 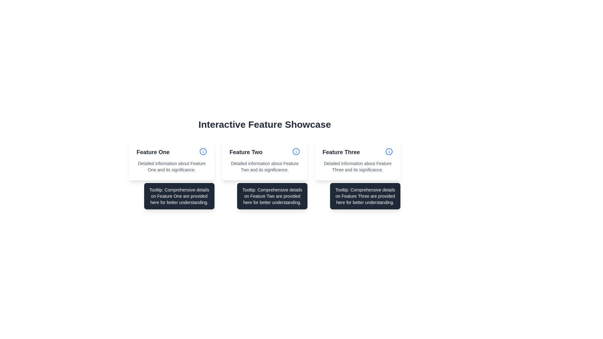 I want to click on contents of the 'Feature Three' text header, which is styled prominently in bold and large font, located in the rightmost card of a group of three cards, so click(x=357, y=152).